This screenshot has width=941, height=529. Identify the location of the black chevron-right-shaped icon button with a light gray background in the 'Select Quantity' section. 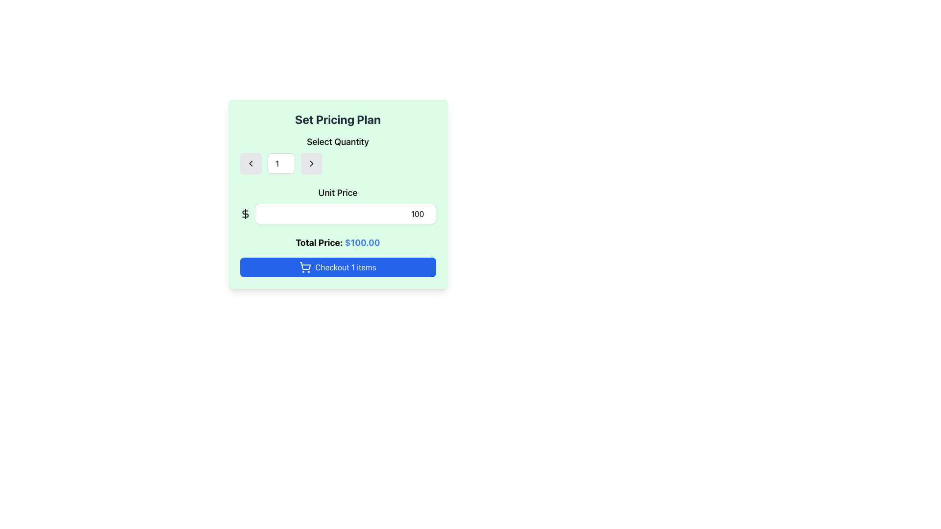
(311, 163).